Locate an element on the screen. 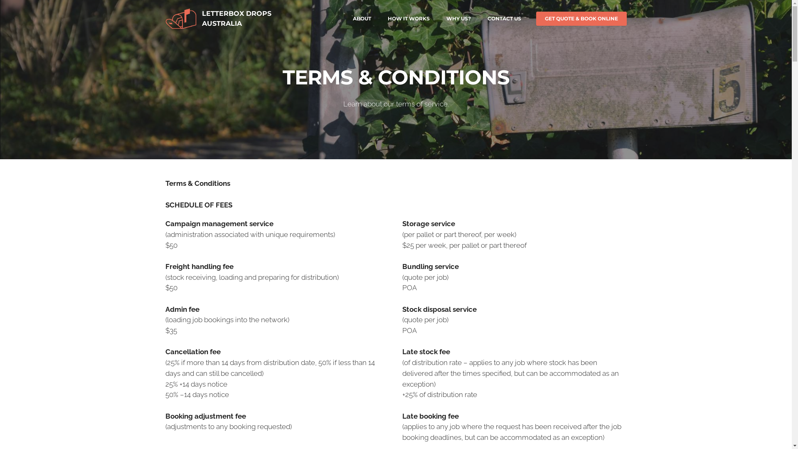  'HOW IT WORKS' is located at coordinates (408, 19).